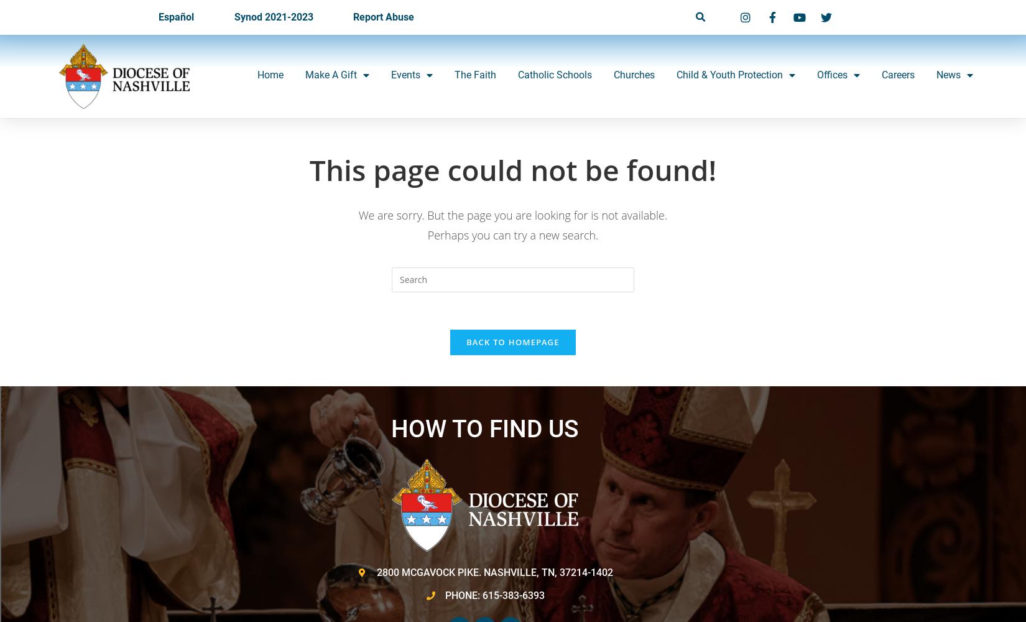  Describe the element at coordinates (390, 74) in the screenshot. I see `'Events'` at that location.